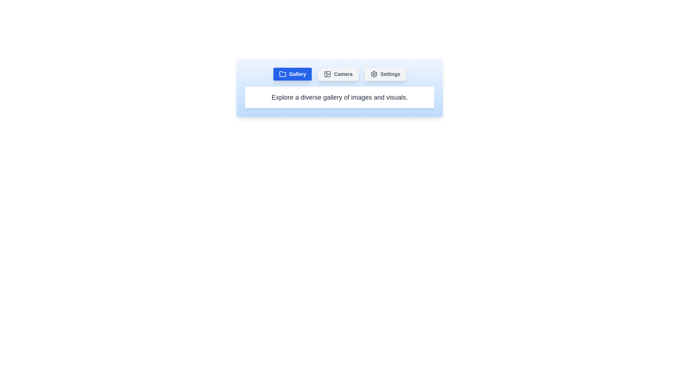  Describe the element at coordinates (385, 74) in the screenshot. I see `the 'Settings' button, which is the third button in a horizontal row of three buttons labeled 'Gallery,' 'Camera,' and 'Settings'` at that location.